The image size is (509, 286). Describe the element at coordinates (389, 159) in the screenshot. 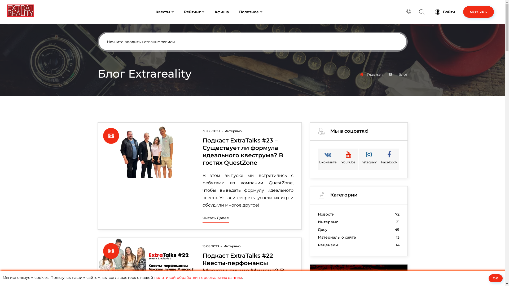

I see `'Facebook'` at that location.